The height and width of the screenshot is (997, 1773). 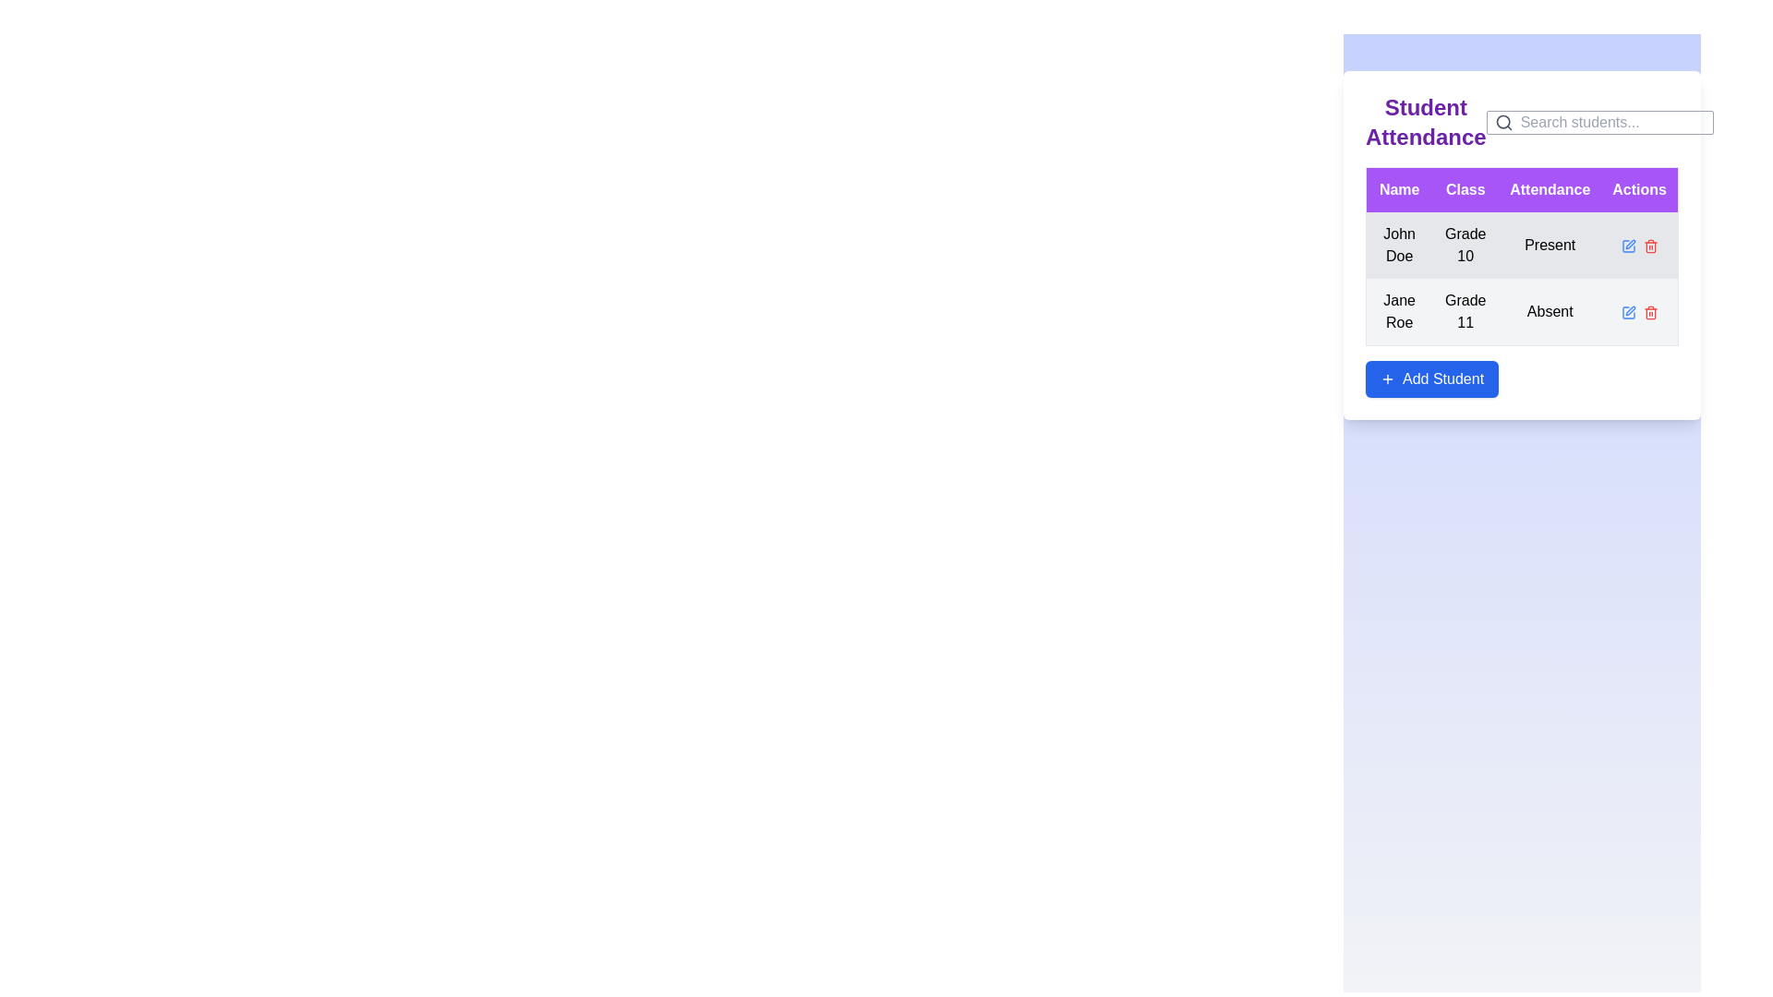 What do you see at coordinates (1465, 245) in the screenshot?
I see `text 'Grade 10' displayed in bold font inside a light gray cell in the second column of the first row under the 'Class' header in the table` at bounding box center [1465, 245].